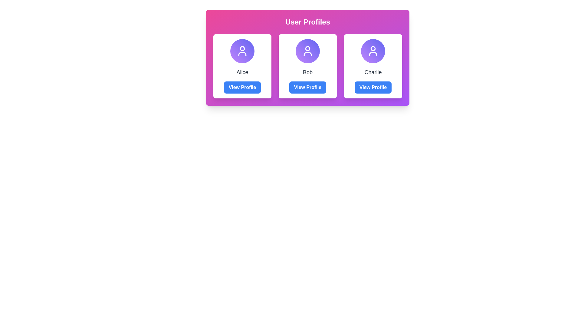  I want to click on the 'View Profile' button, which is a rectangular button with a bold blue background and white text, located at the bottom of the user profile card beneath the name 'Alice', so click(242, 88).